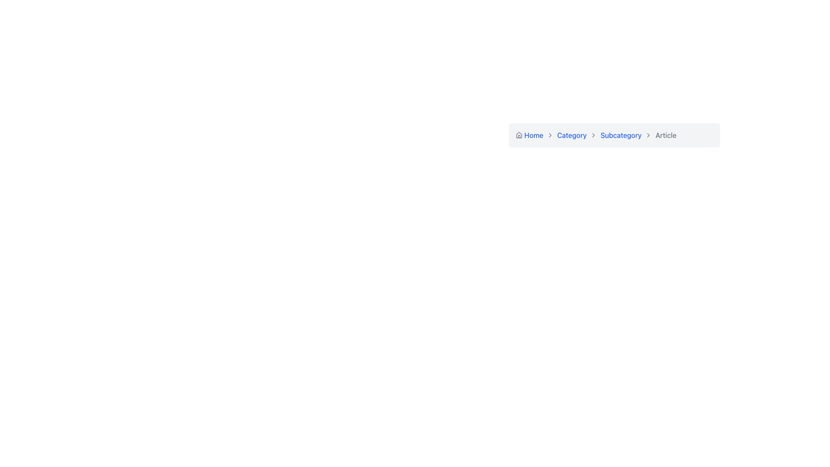 The height and width of the screenshot is (467, 830). What do you see at coordinates (529, 135) in the screenshot?
I see `the first hyperlink in the breadcrumb navigation bar at the top middle of the UI` at bounding box center [529, 135].